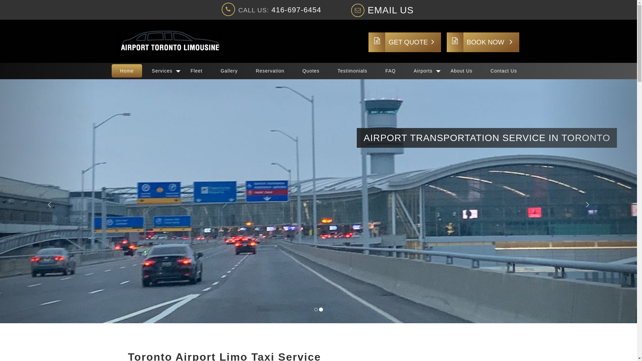 This screenshot has height=361, width=642. I want to click on 'Fleet', so click(196, 71).